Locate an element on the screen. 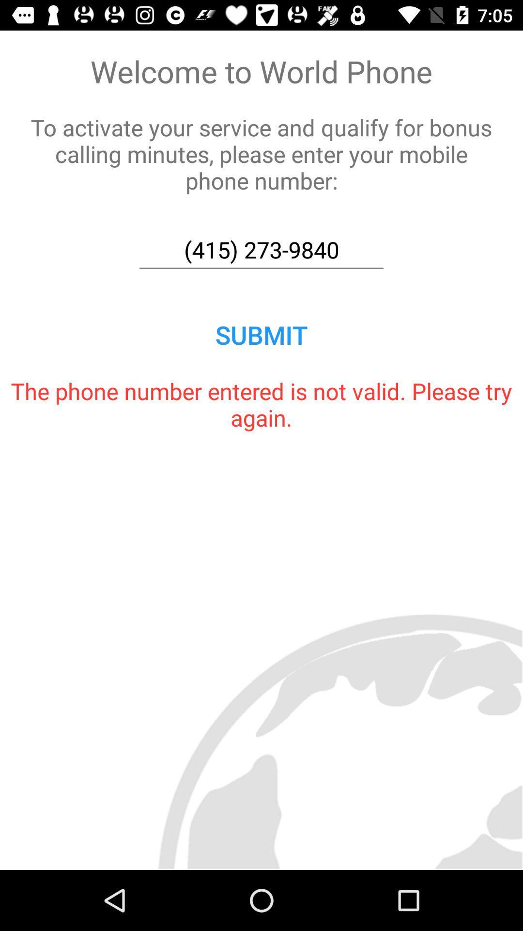 The image size is (523, 931). the (415) 273-9840 icon is located at coordinates (261, 250).